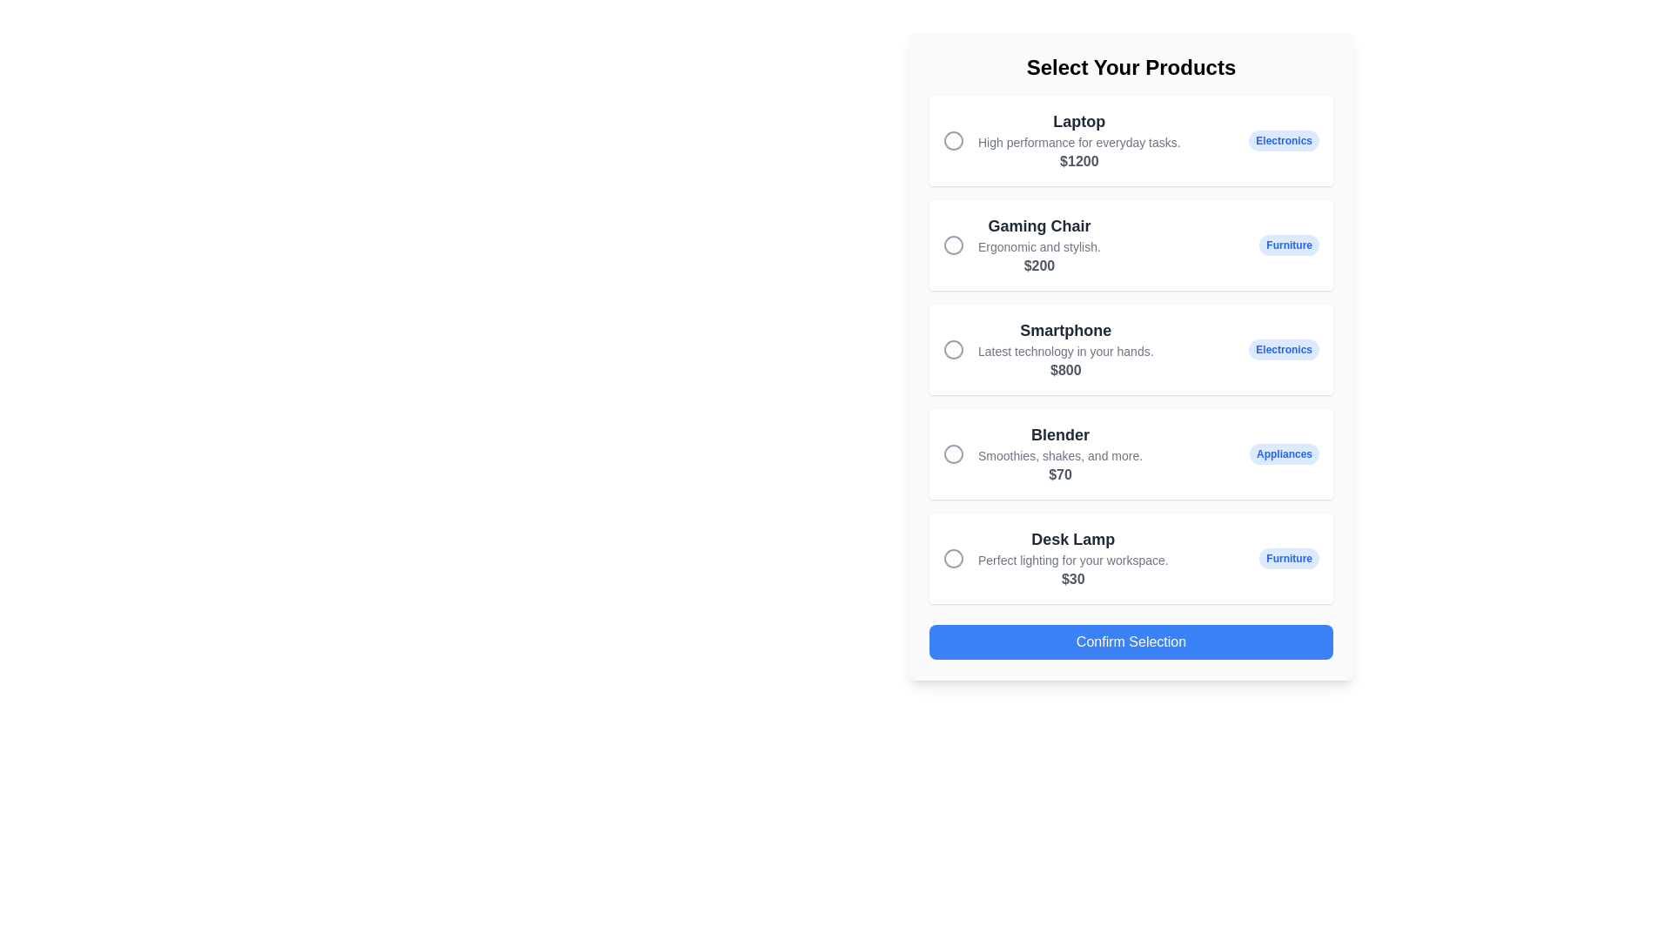 This screenshot has height=940, width=1671. What do you see at coordinates (952, 558) in the screenshot?
I see `the Radio button for the 'Desk Lamp' product, which is the fifth item in the 'Select Your Products' interface` at bounding box center [952, 558].